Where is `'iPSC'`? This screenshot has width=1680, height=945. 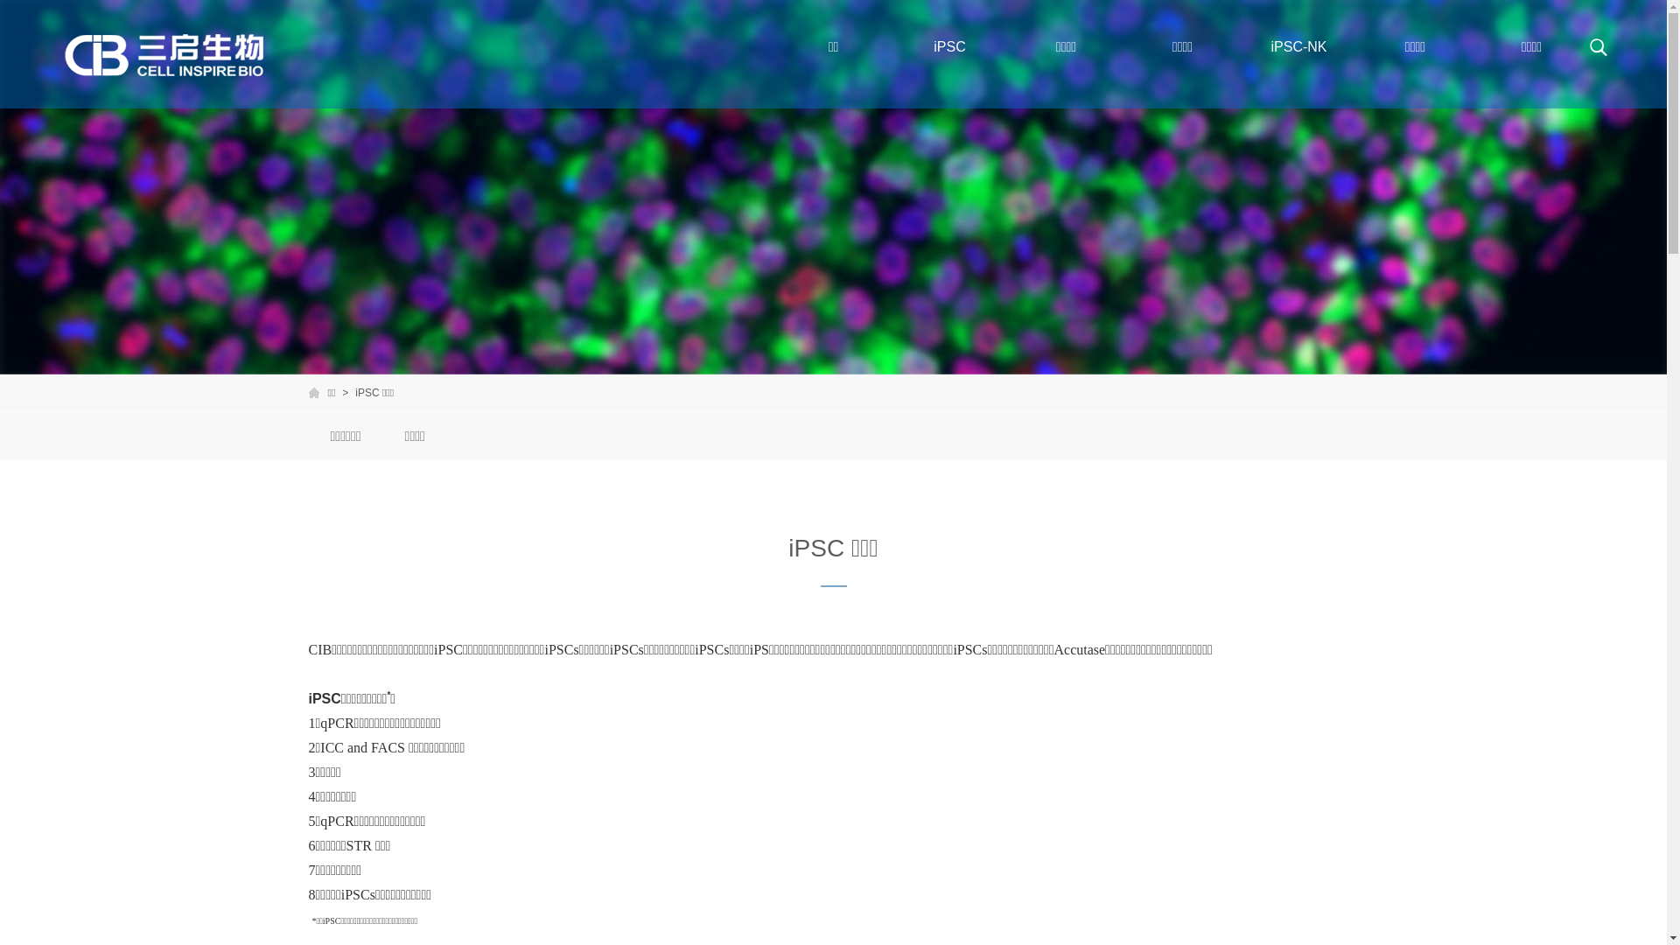 'iPSC' is located at coordinates (891, 46).